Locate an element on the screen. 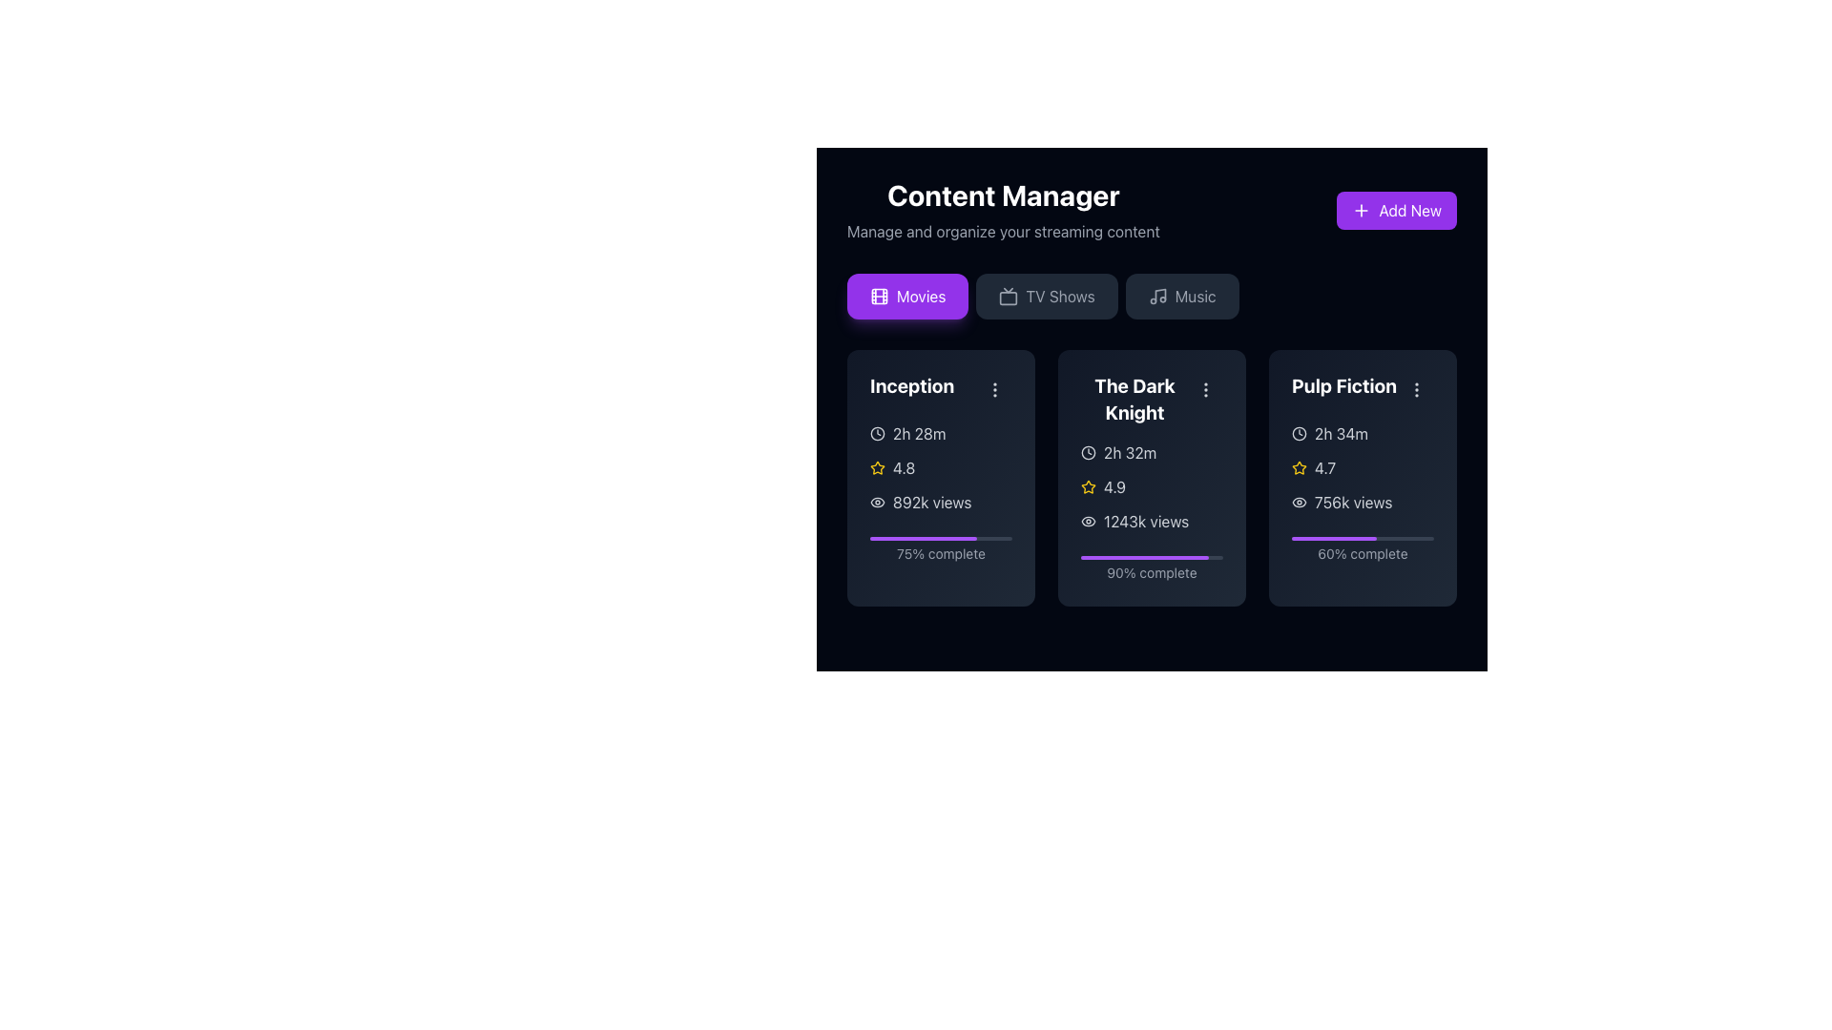  the vertical ellipsis icon in the top-right corner of the 'Pulp Fiction' card for keyboard navigation is located at coordinates (1416, 388).